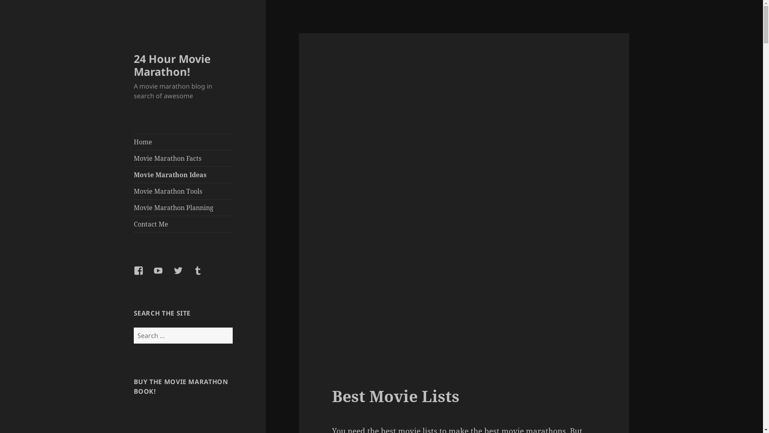 The width and height of the screenshot is (769, 433). Describe the element at coordinates (143, 275) in the screenshot. I see `'Facebook'` at that location.